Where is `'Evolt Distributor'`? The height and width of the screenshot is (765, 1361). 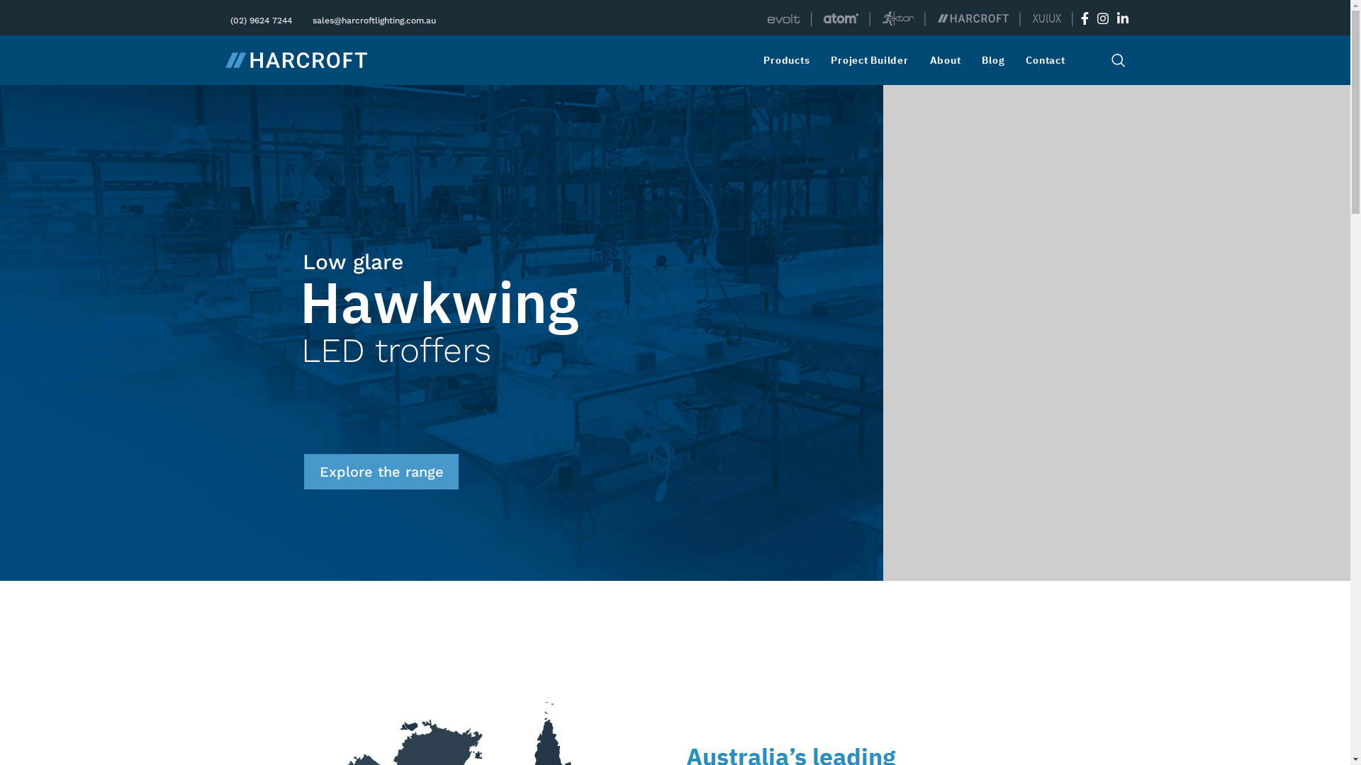
'Evolt Distributor' is located at coordinates (783, 18).